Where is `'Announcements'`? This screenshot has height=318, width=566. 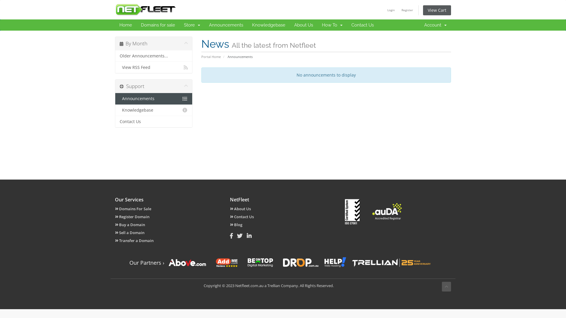 'Announcements' is located at coordinates (226, 24).